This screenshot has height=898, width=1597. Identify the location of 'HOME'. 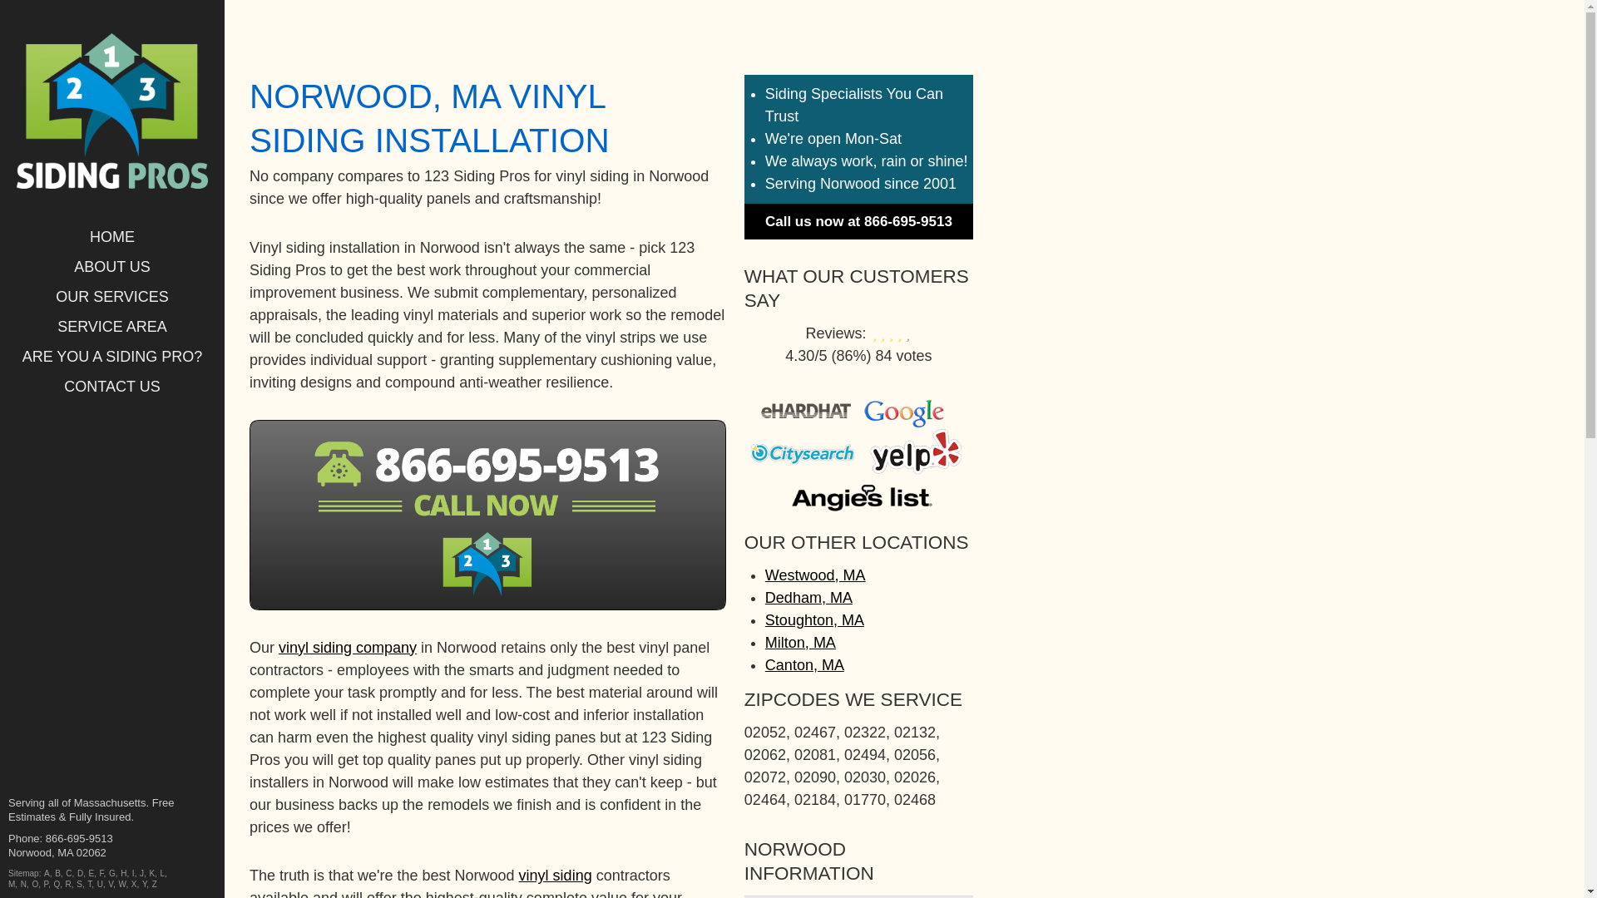
(111, 237).